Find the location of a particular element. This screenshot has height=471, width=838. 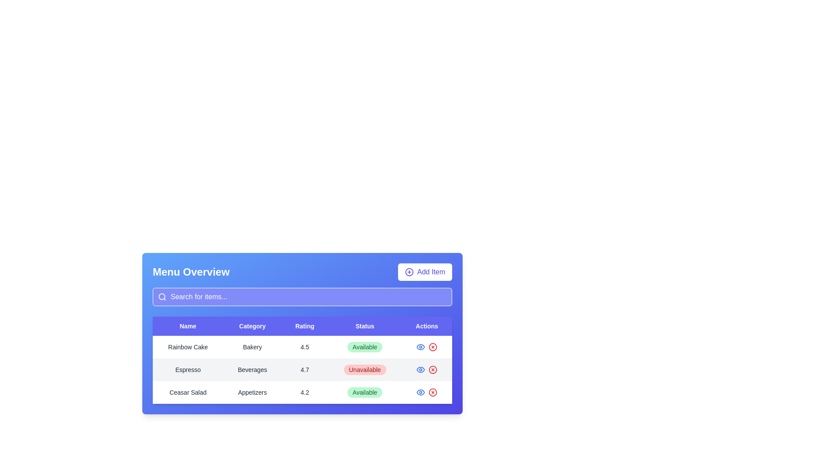

status text from the small, green, rounded button labeled 'Available' located in the status column of the 'Ceasar Salad' row in the table is located at coordinates (365, 392).